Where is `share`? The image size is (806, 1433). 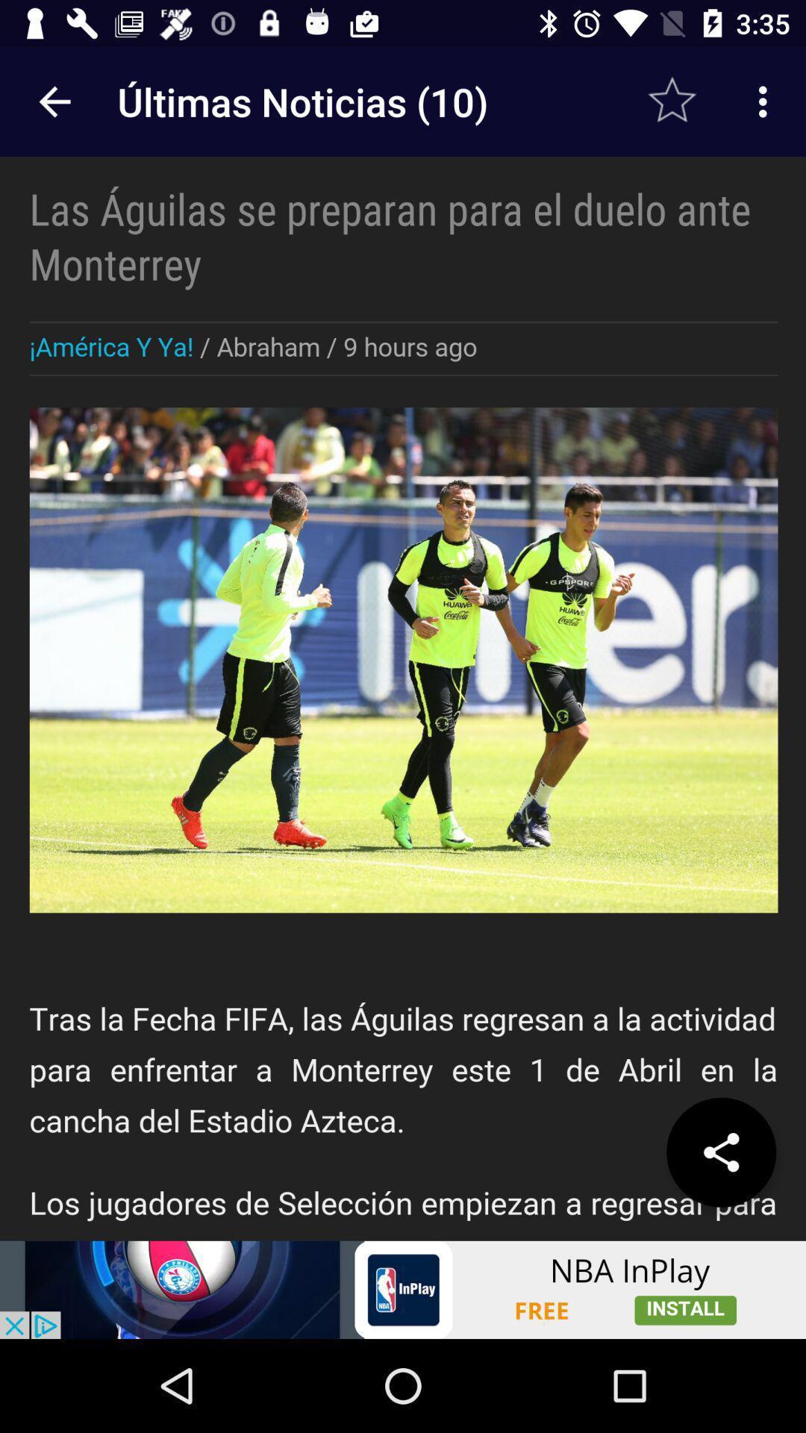 share is located at coordinates (720, 1152).